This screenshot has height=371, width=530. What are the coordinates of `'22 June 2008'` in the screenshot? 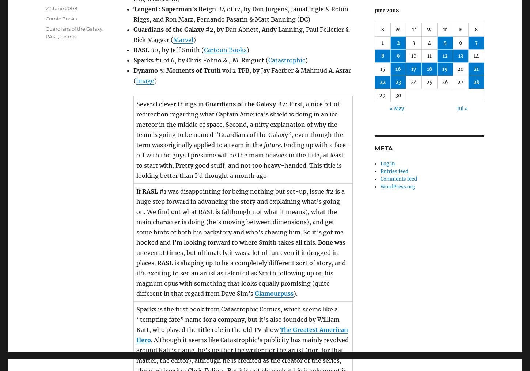 It's located at (61, 8).